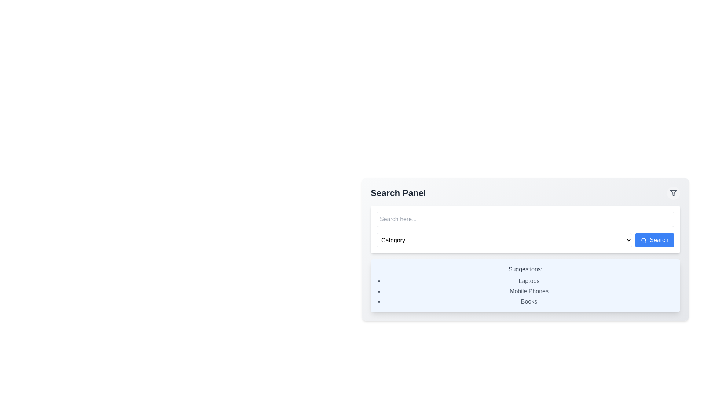 This screenshot has width=704, height=396. Describe the element at coordinates (529, 291) in the screenshot. I see `the text item in the suggestions list that suggests the category 'Mobile Phones', located between 'Laptops' and 'Books'` at that location.